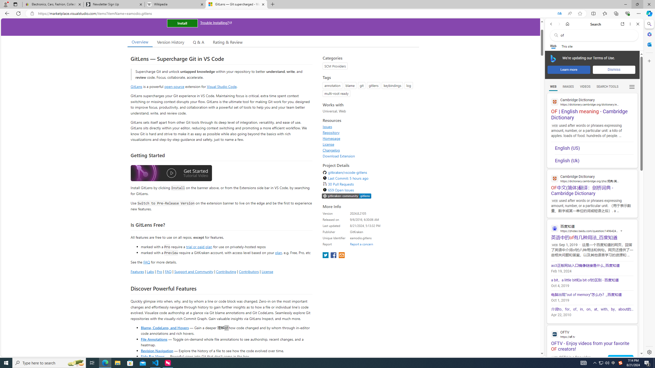 This screenshot has width=655, height=368. What do you see at coordinates (174, 86) in the screenshot?
I see `'open-source'` at bounding box center [174, 86].